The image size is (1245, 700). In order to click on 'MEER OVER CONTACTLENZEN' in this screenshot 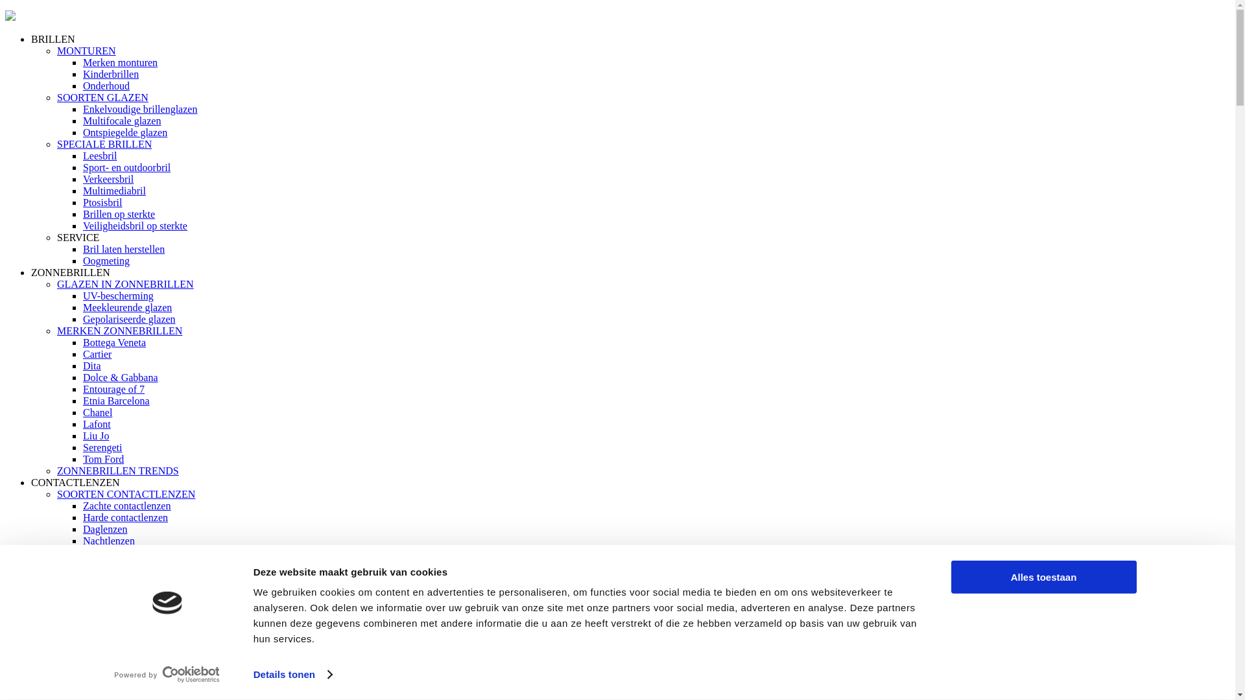, I will do `click(56, 599)`.